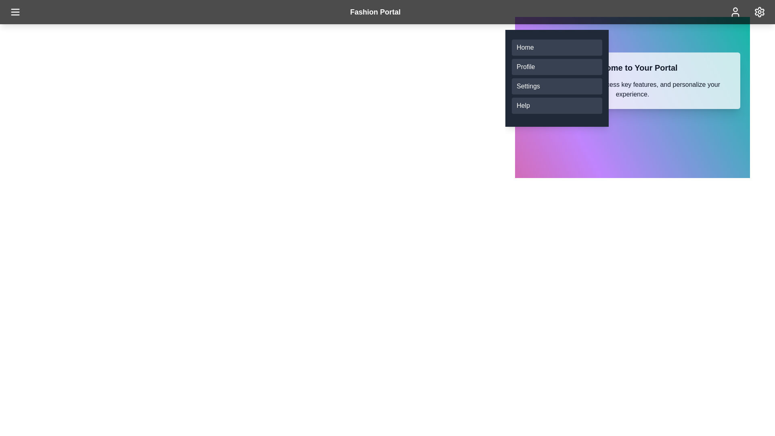 The image size is (775, 436). I want to click on the main header text 'Fashion Portal' to explore it, so click(375, 12).